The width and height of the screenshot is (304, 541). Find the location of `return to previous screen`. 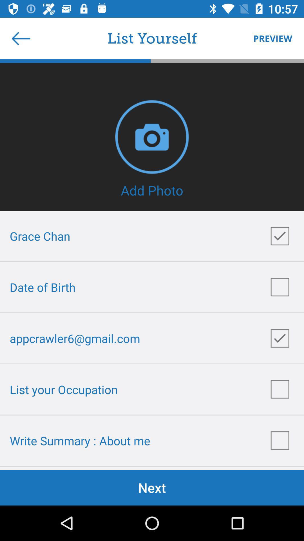

return to previous screen is located at coordinates (21, 38).